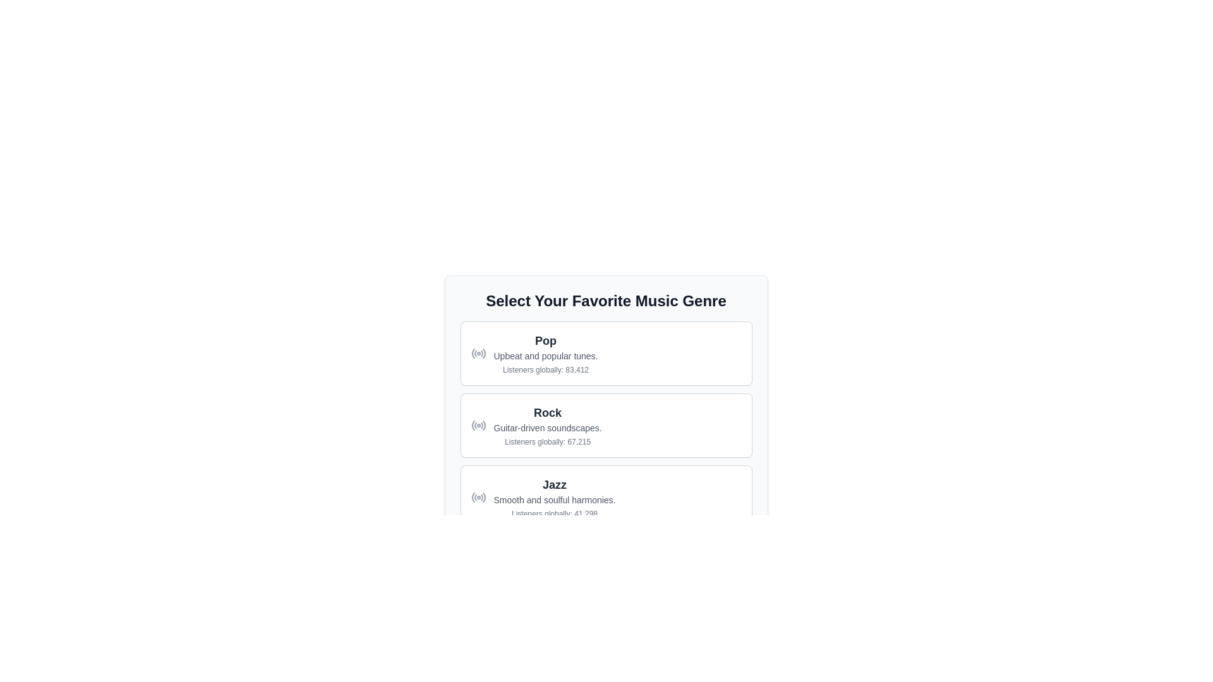 This screenshot has height=682, width=1213. I want to click on the text label reading 'Listeners globally: 83,412' within the 'Pop' genre card, positioned as the last line below 'Upbeat and popular tunes.', so click(546, 369).